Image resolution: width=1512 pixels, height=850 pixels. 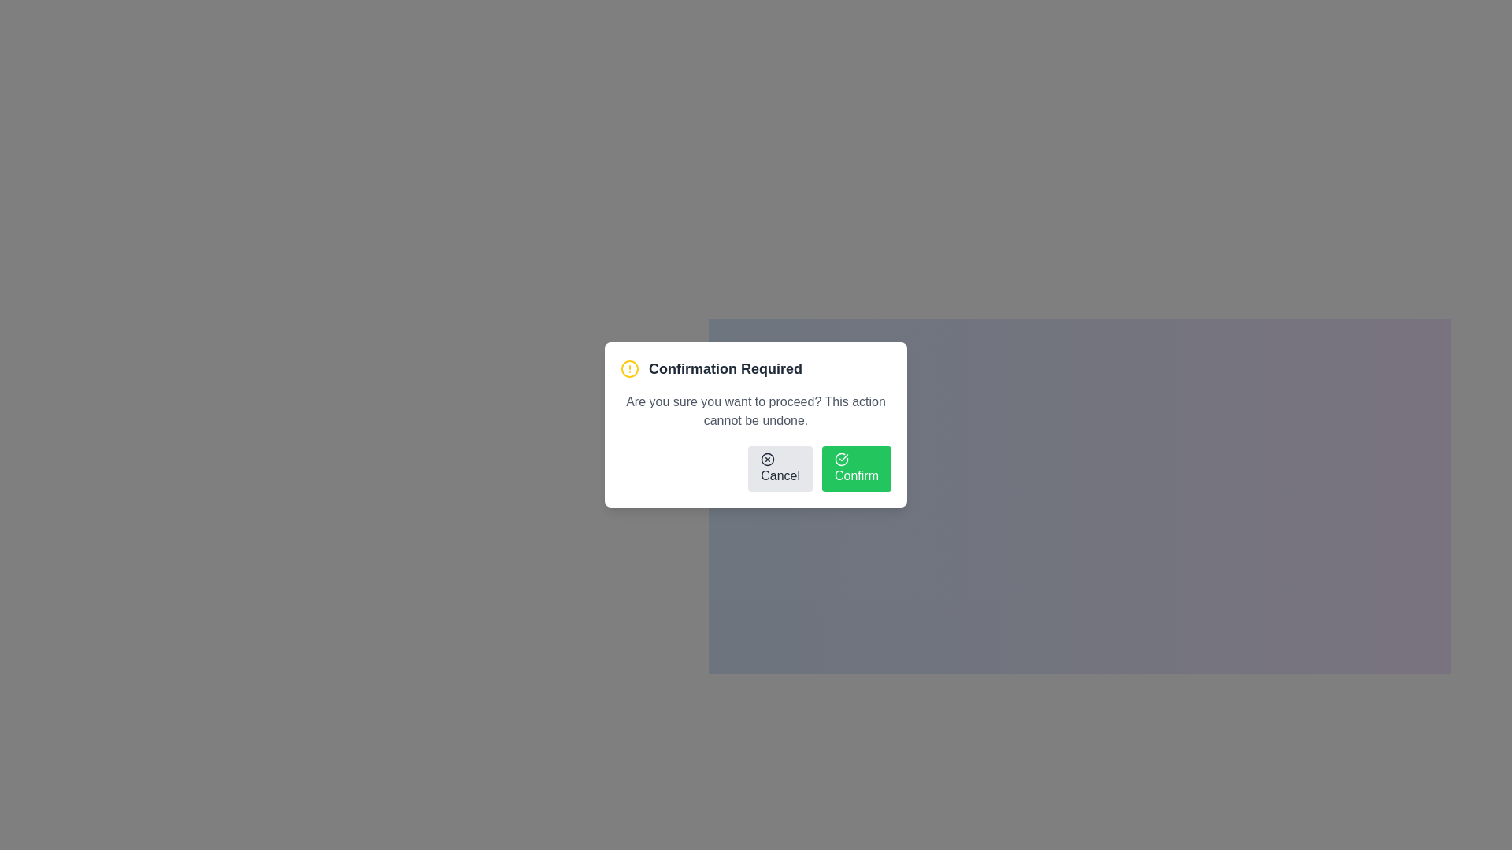 I want to click on the confirmation button located at the bottom right corner of the modal dialog, positioned to the right of the 'Cancel' button, so click(x=856, y=468).